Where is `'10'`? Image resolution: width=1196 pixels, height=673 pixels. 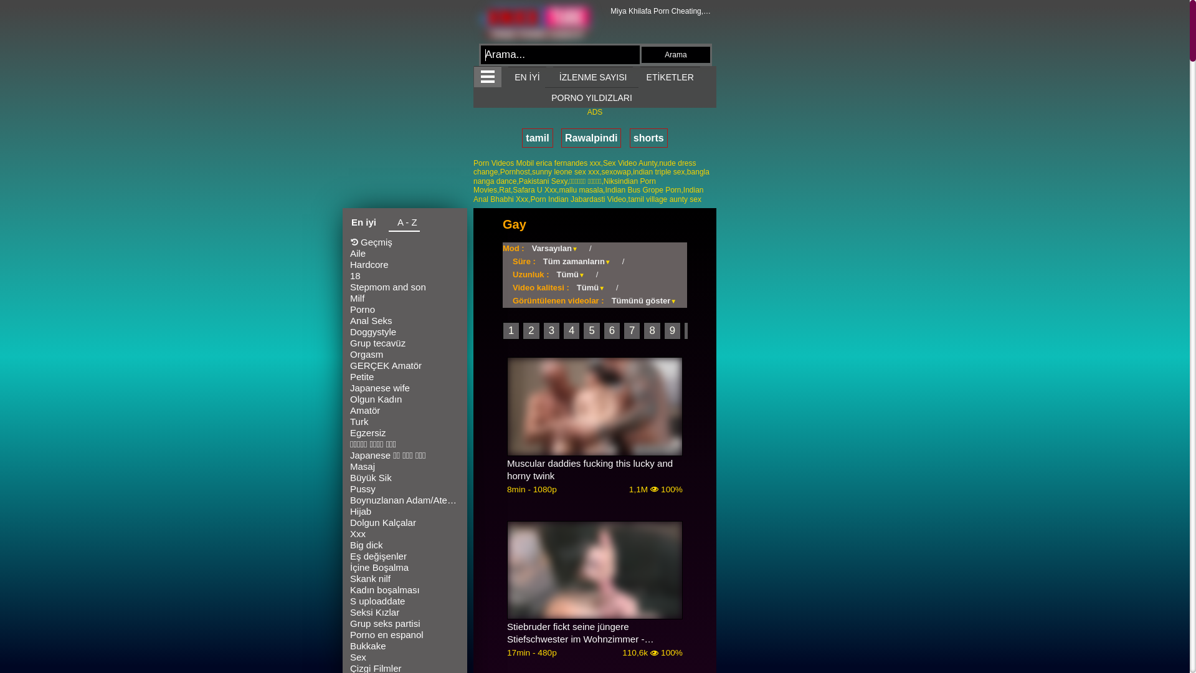 '10' is located at coordinates (695, 330).